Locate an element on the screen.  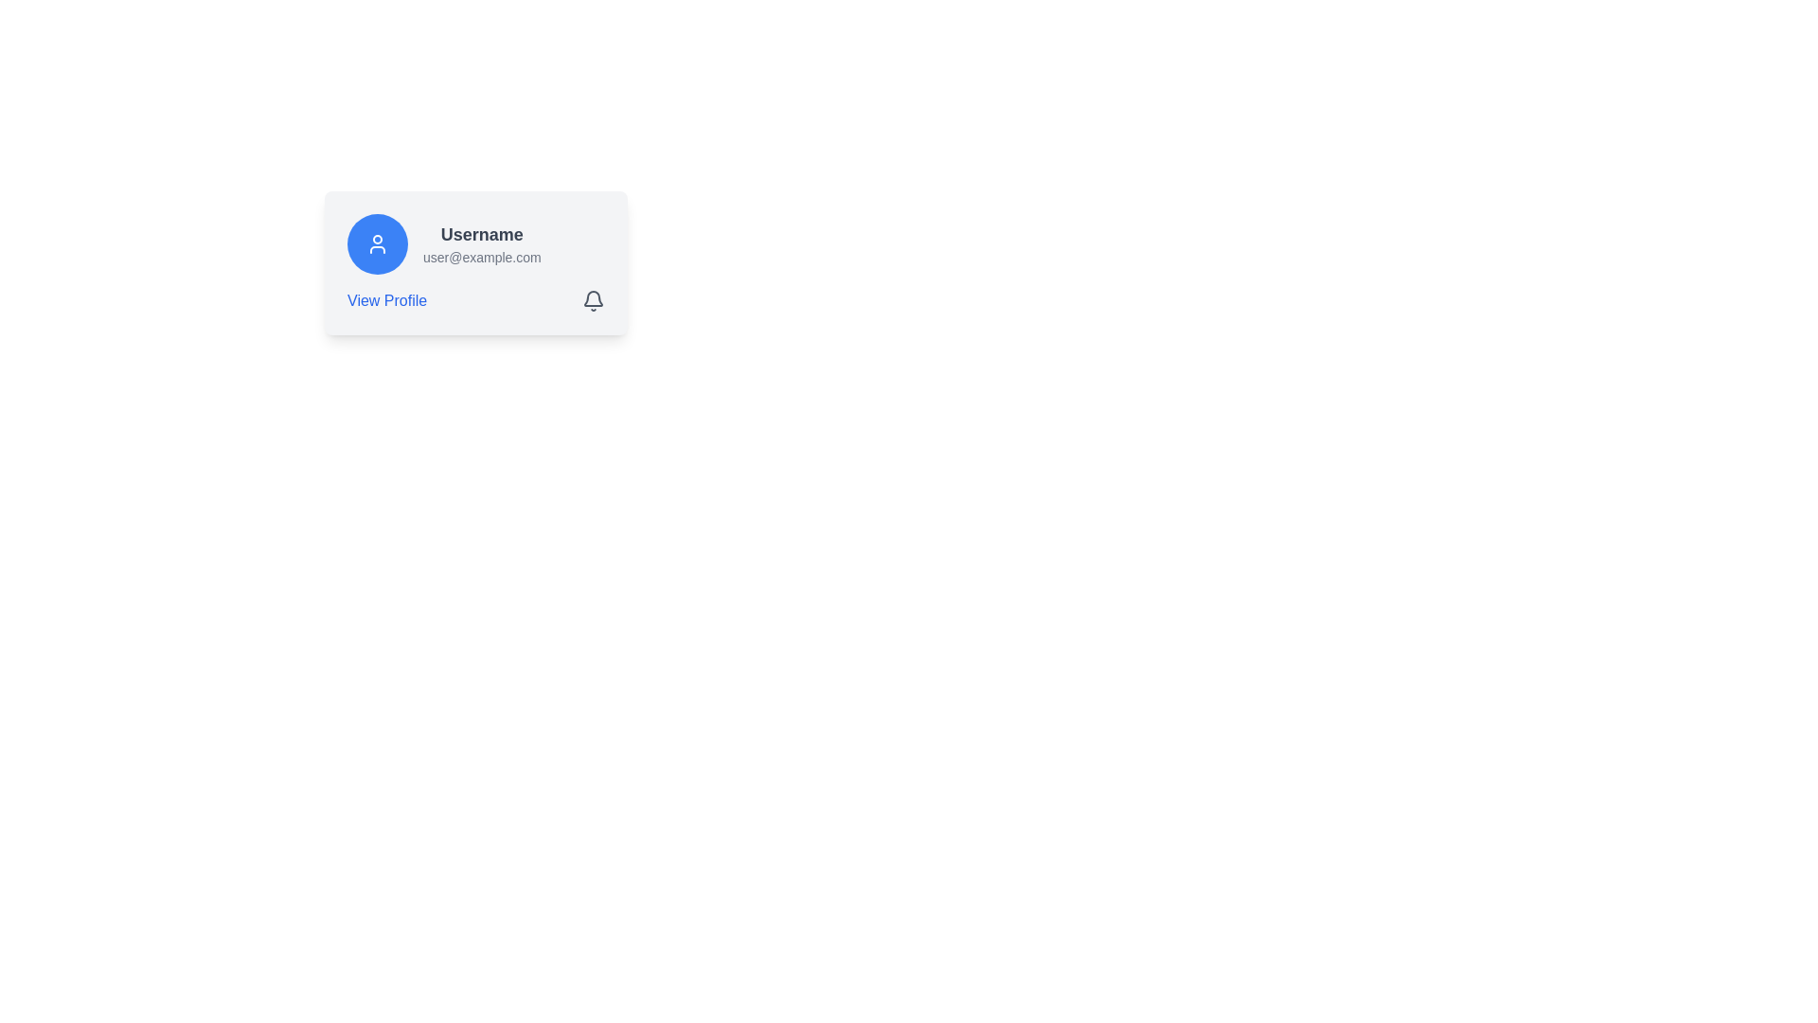
the email address text 'user@example.com' displayed in gray color, which is located below the 'Username' text within a card-like structure is located at coordinates (482, 258).